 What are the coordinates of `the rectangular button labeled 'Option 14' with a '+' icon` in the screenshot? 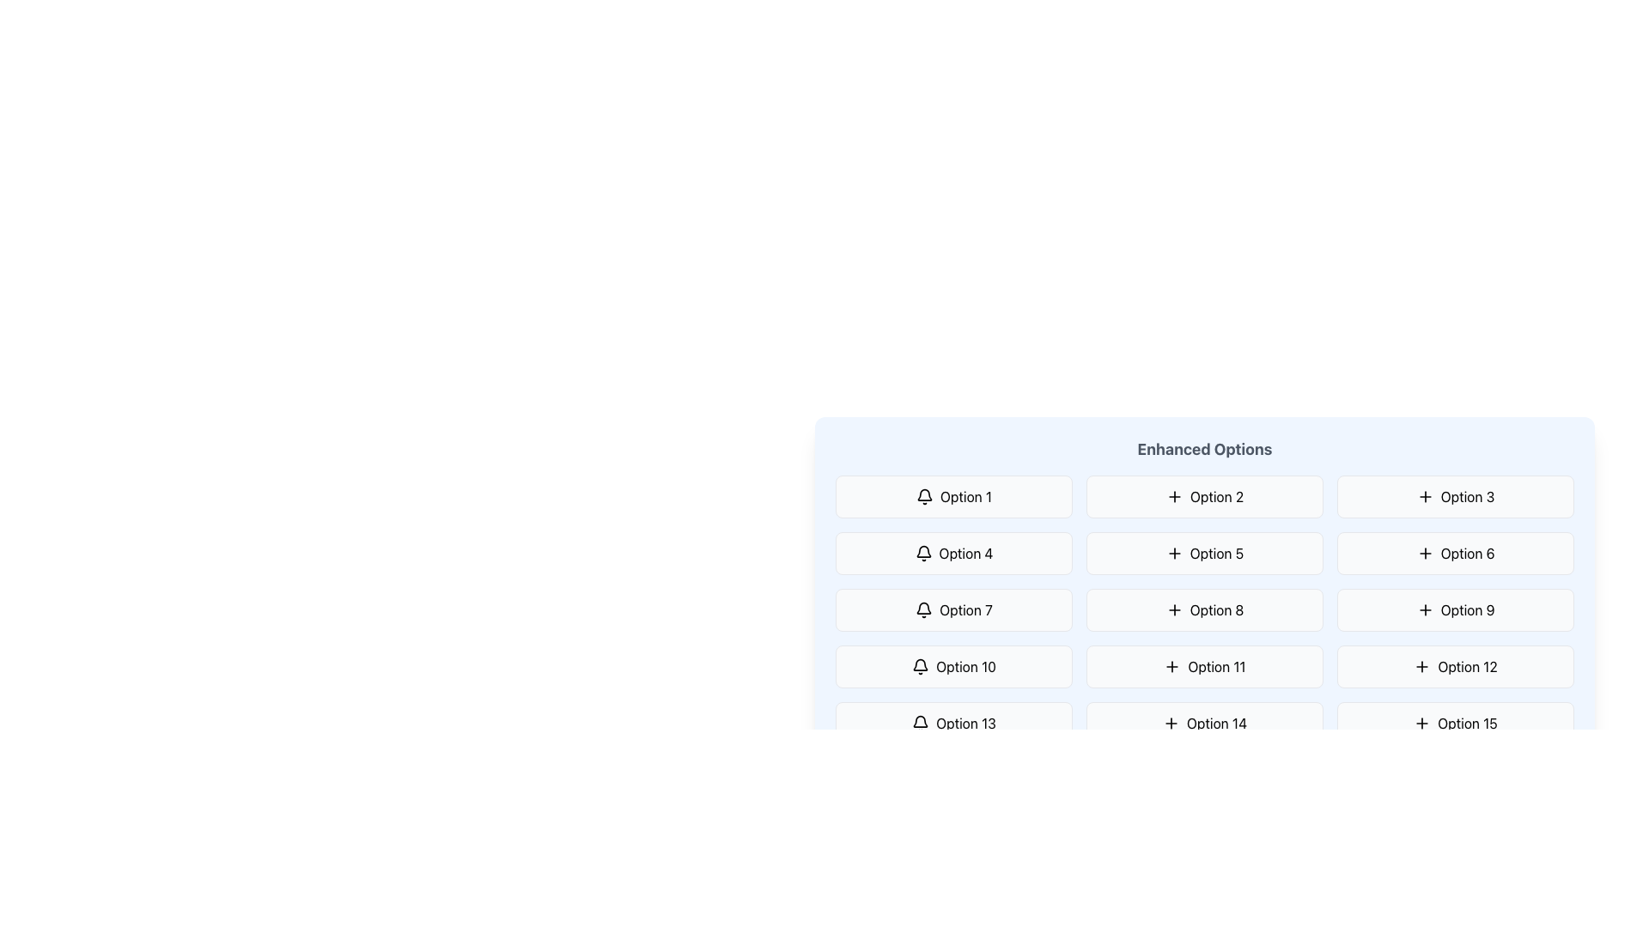 It's located at (1203, 724).